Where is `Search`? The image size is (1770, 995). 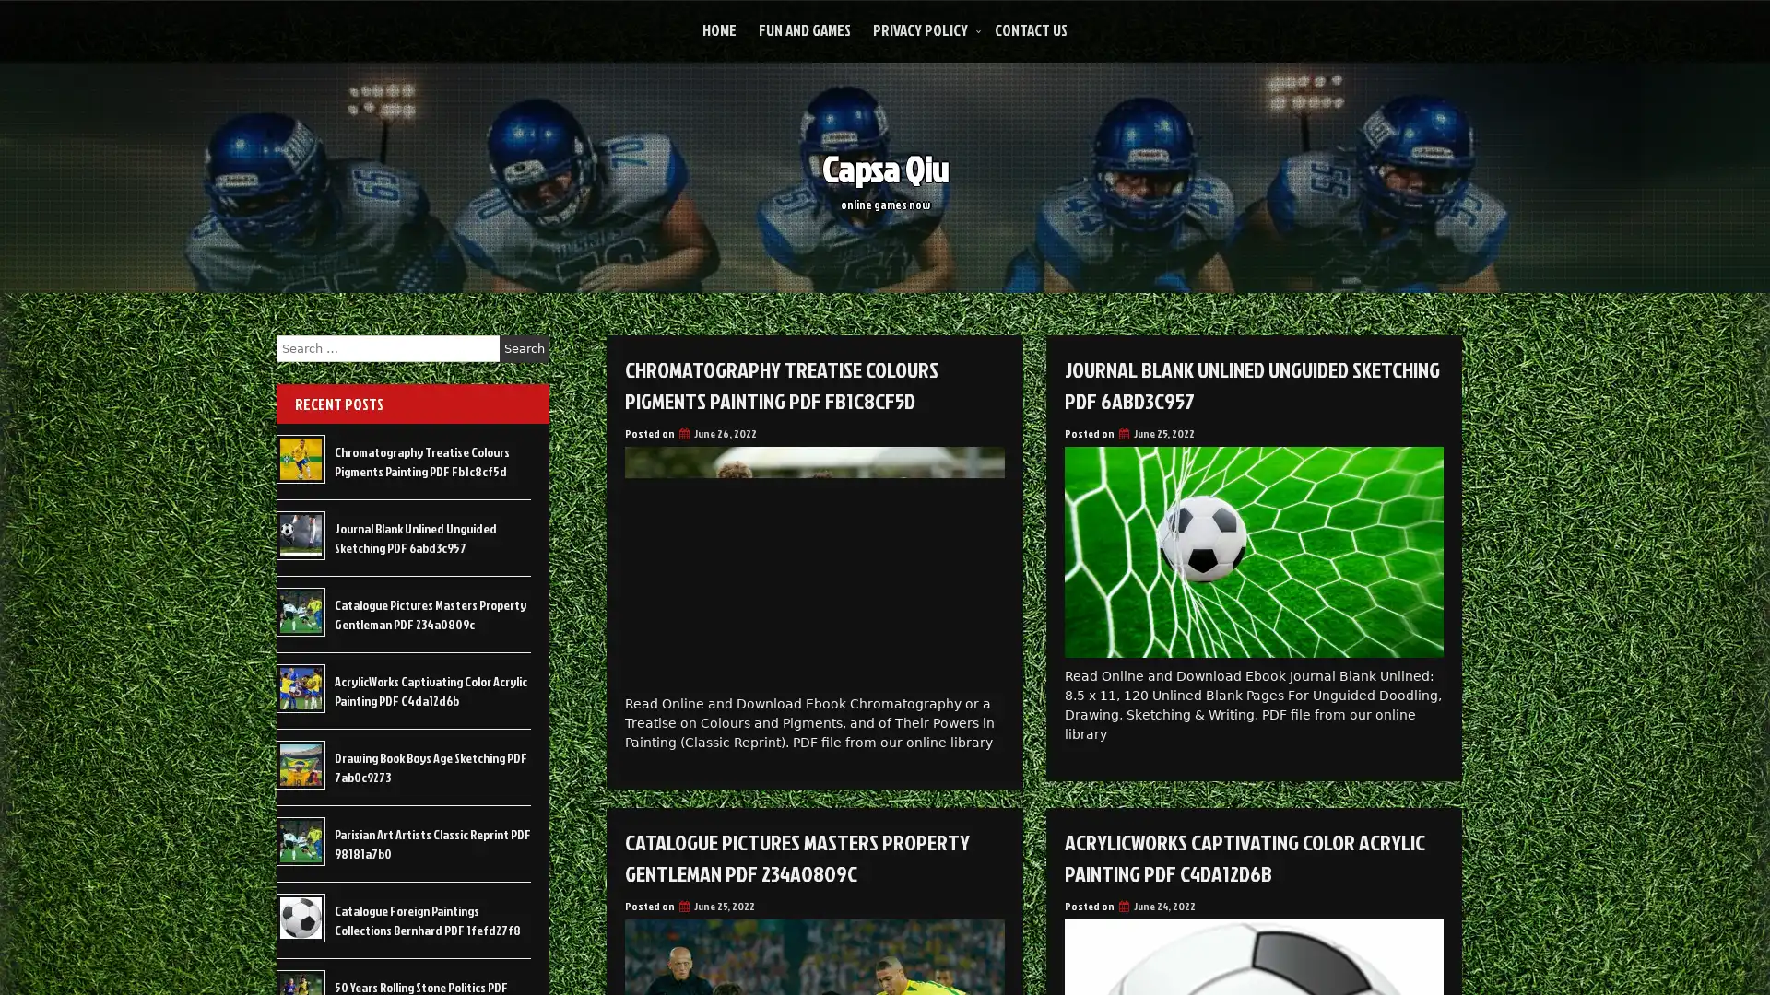
Search is located at coordinates (524, 348).